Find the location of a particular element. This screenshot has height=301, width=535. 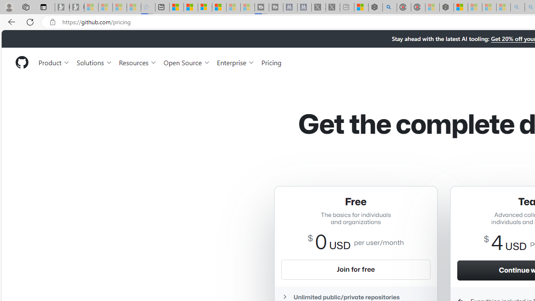

'Join for free' is located at coordinates (356, 269).